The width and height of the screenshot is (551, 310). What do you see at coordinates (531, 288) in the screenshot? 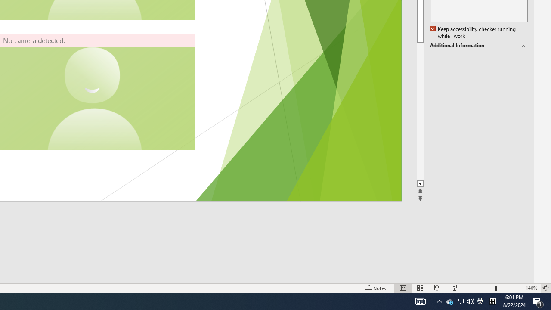
I see `'Zoom 140%'` at bounding box center [531, 288].